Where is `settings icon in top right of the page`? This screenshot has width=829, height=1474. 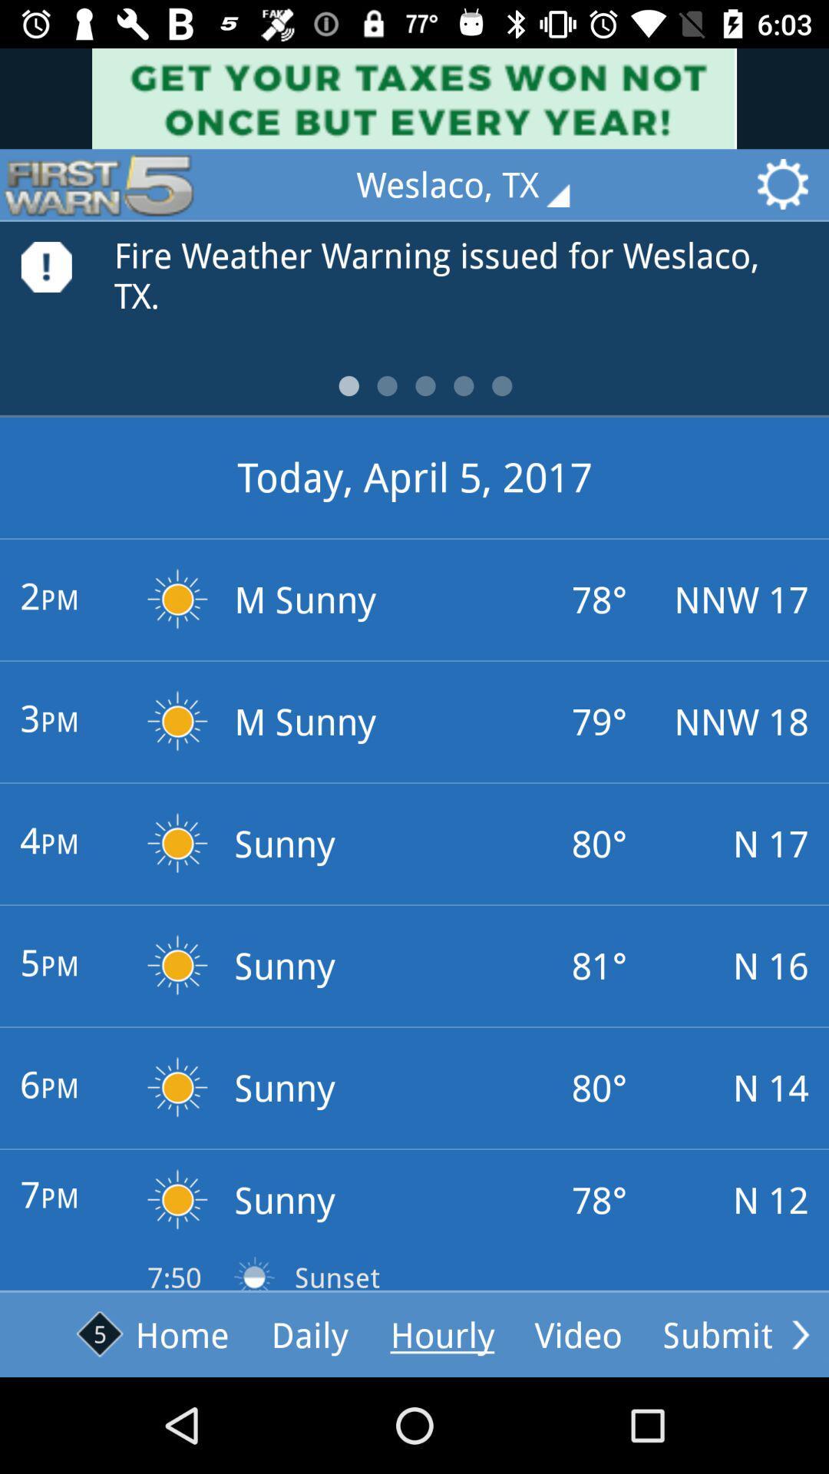
settings icon in top right of the page is located at coordinates (788, 184).